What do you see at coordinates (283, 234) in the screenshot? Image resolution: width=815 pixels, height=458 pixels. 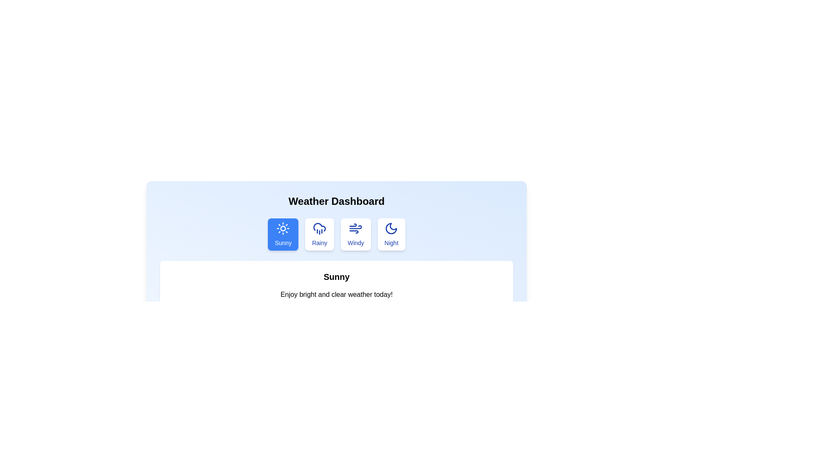 I see `the Sunny tab to view its content` at bounding box center [283, 234].